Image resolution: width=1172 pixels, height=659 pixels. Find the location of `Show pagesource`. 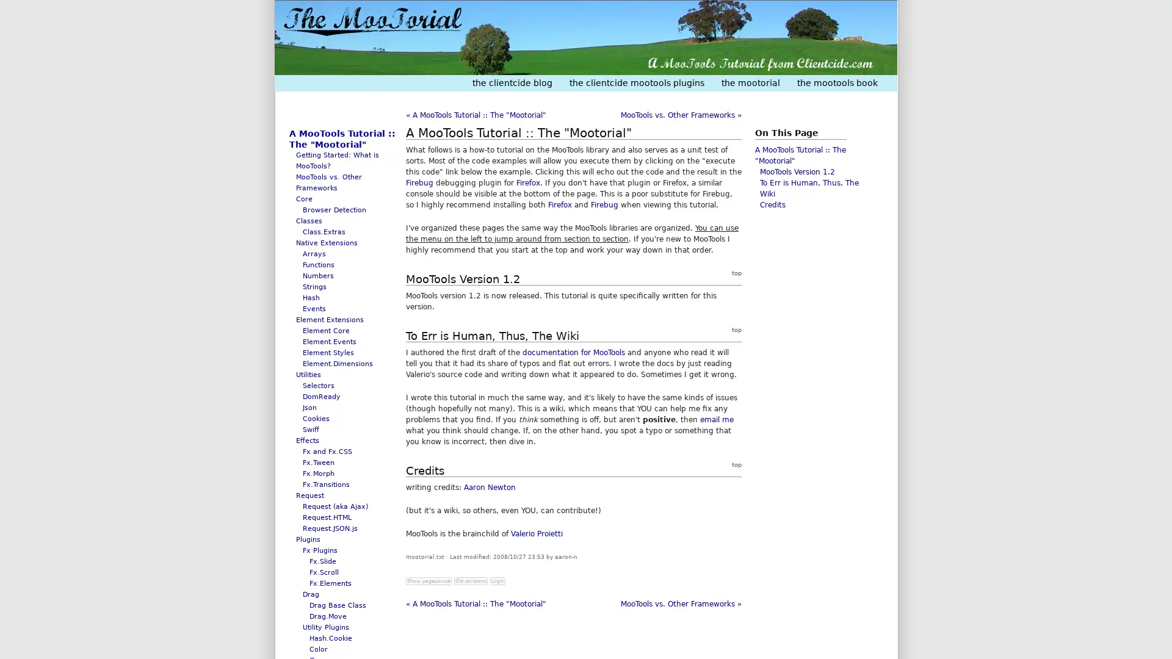

Show pagesource is located at coordinates (429, 580).